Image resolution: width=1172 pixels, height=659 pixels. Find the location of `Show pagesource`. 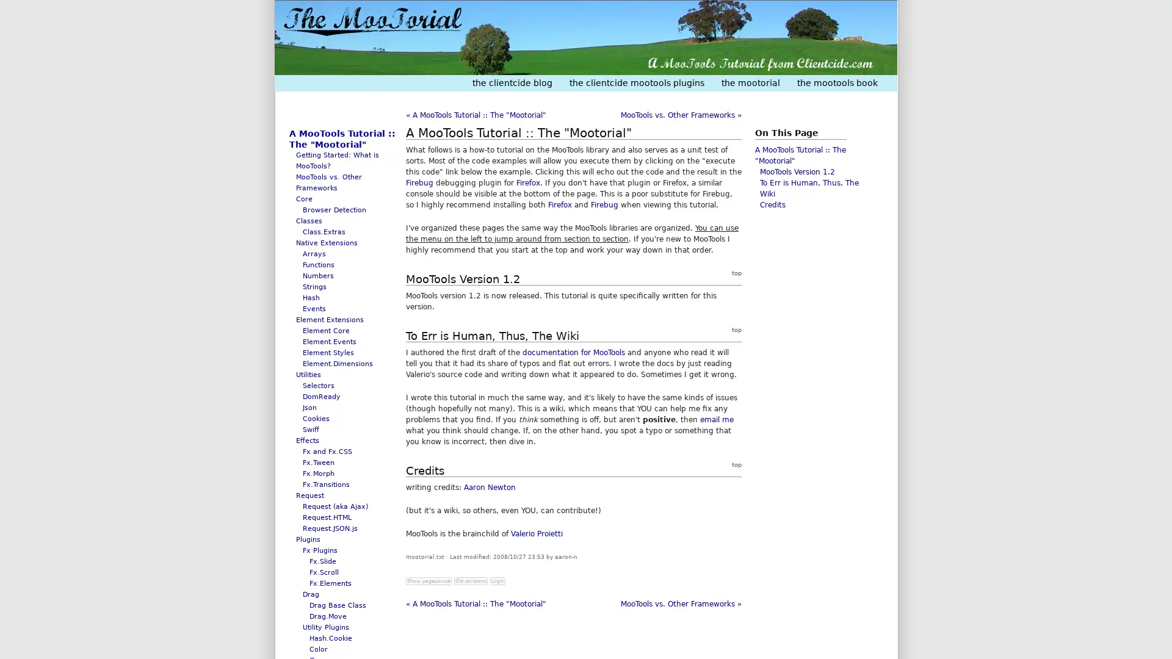

Show pagesource is located at coordinates (429, 580).